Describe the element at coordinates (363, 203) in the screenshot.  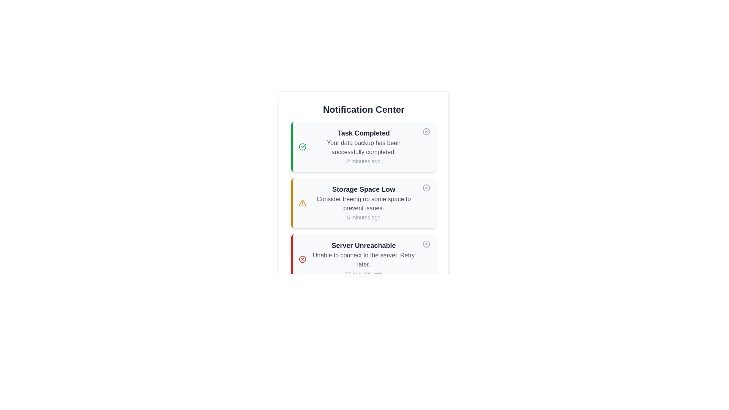
I see `the text element that reads 'Consider freeing up some space to prevent issues.' located in the second notification card within the Notification Center` at that location.